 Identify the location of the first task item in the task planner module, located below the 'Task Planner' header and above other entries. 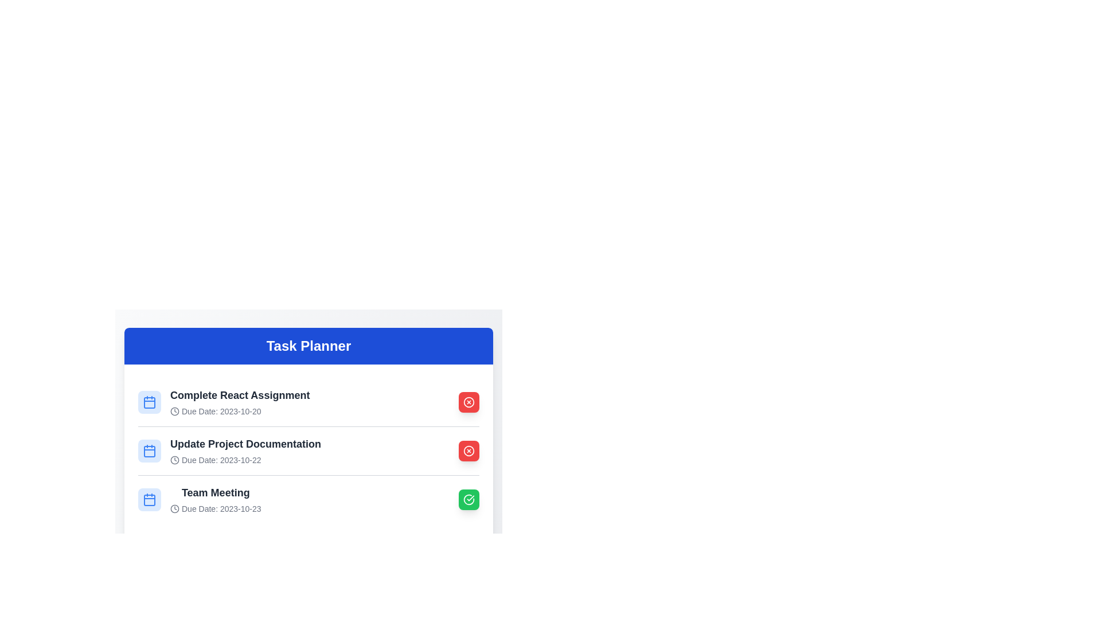
(224, 402).